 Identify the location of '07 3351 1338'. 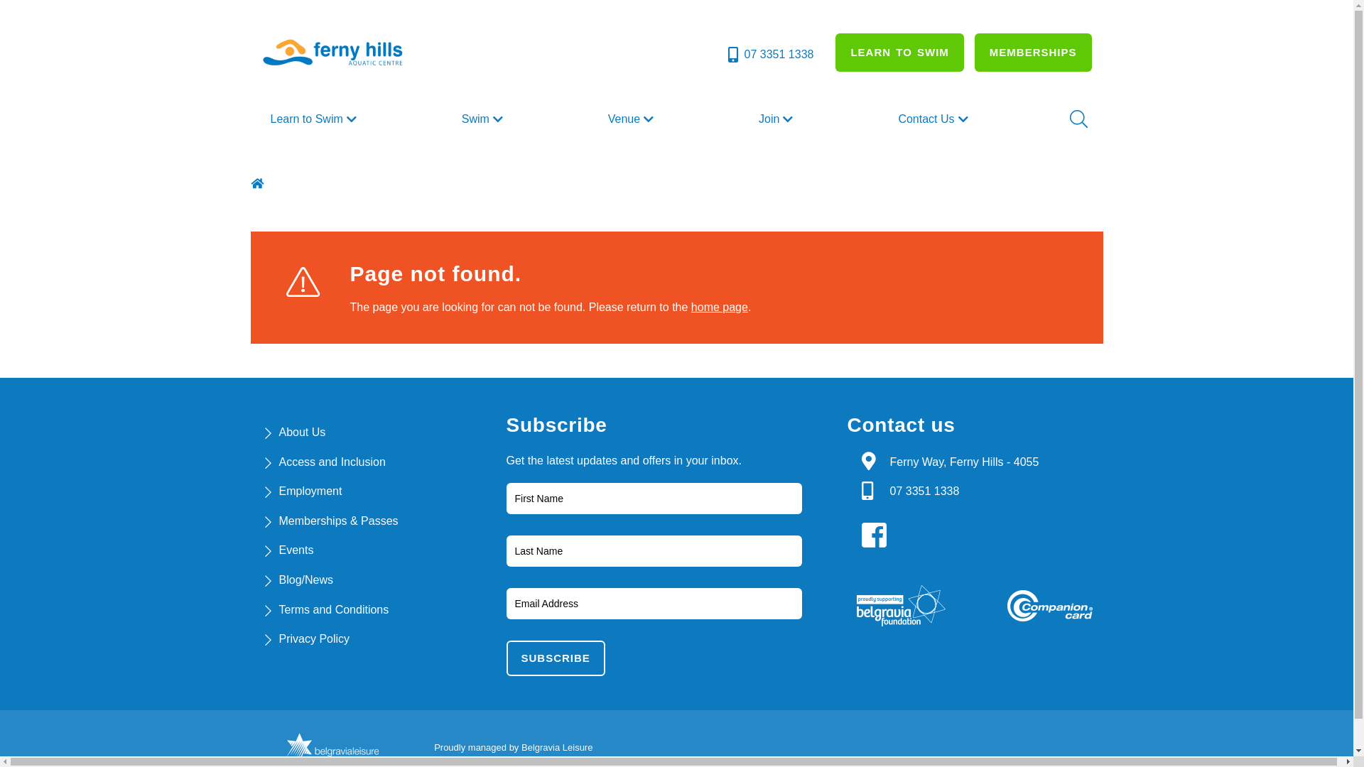
(725, 54).